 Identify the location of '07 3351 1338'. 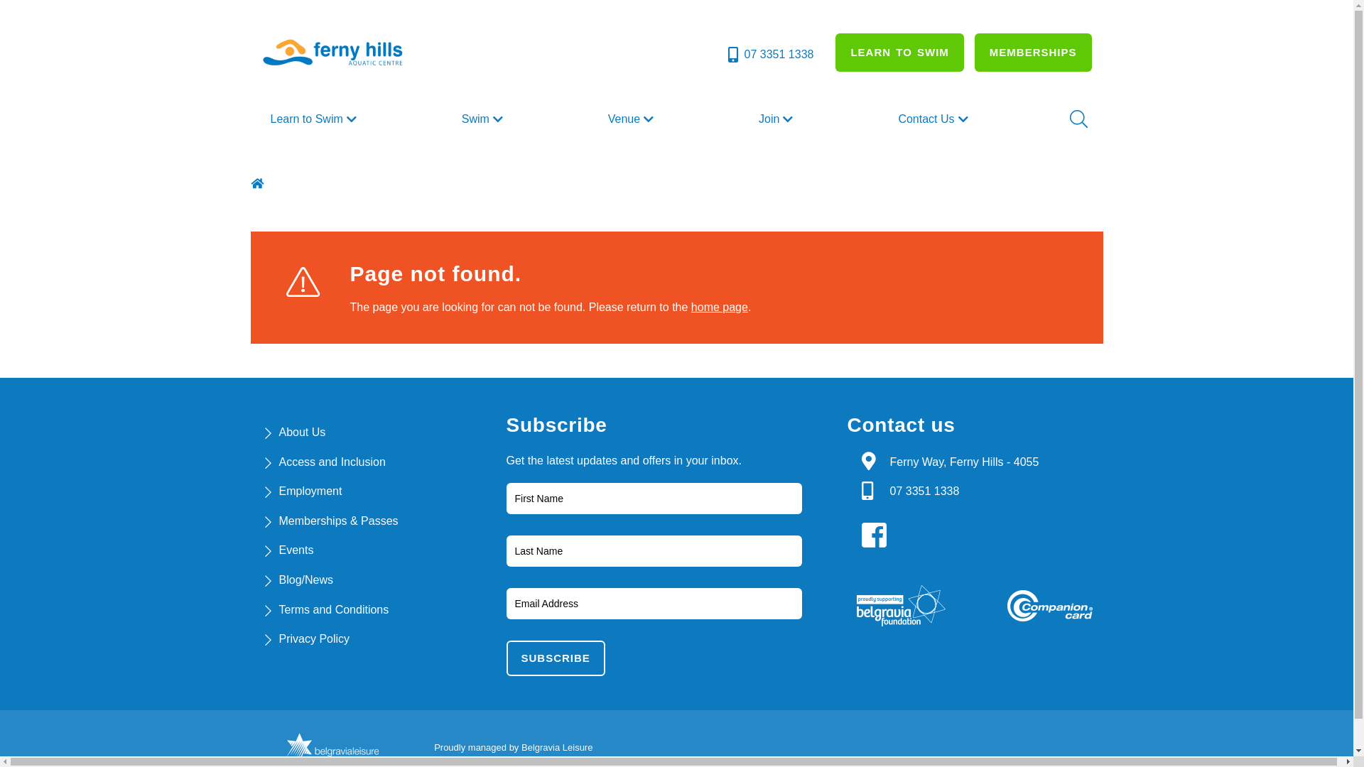
(725, 54).